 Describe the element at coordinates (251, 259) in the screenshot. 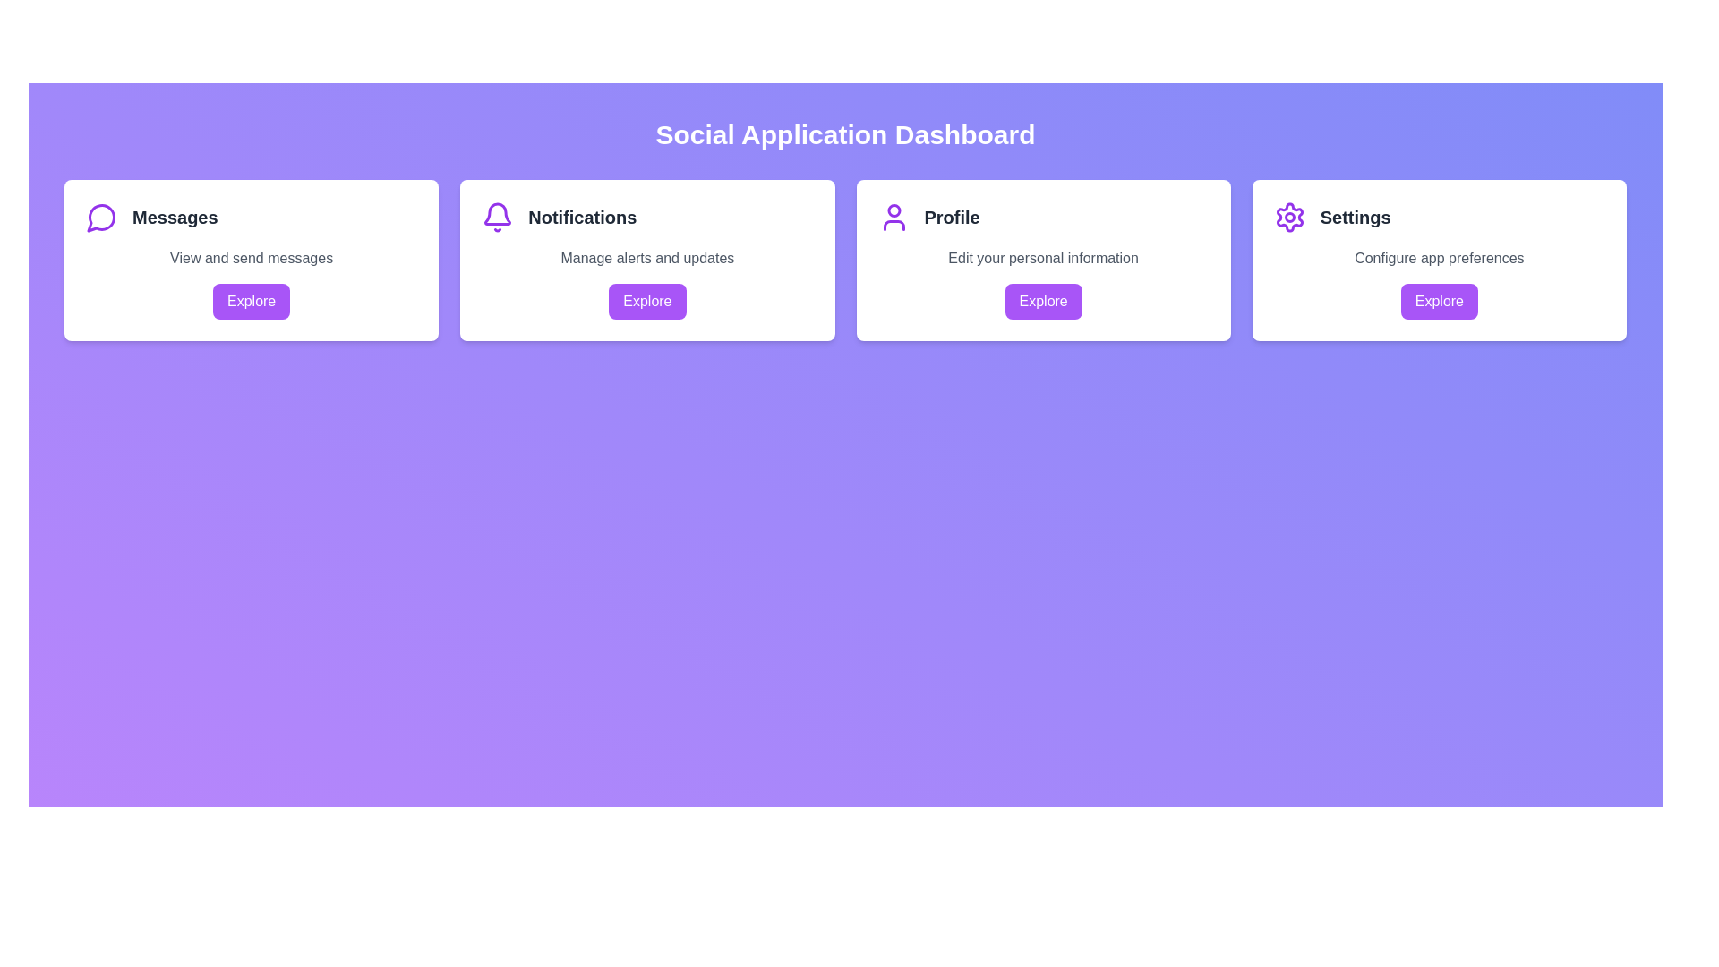

I see `the Text label located centrally beneath the title 'Messages' in the 'Messages' card of the dashboard layout` at that location.